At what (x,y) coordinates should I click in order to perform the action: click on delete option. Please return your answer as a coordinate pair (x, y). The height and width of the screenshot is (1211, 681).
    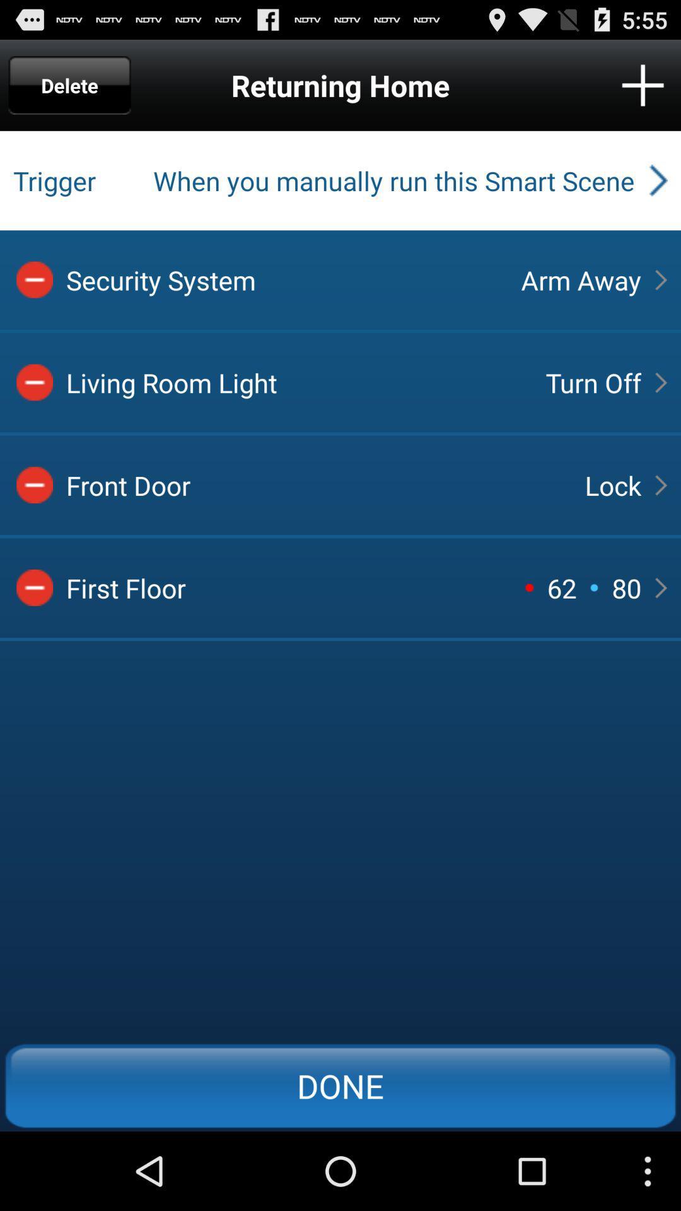
    Looking at the image, I should click on (34, 587).